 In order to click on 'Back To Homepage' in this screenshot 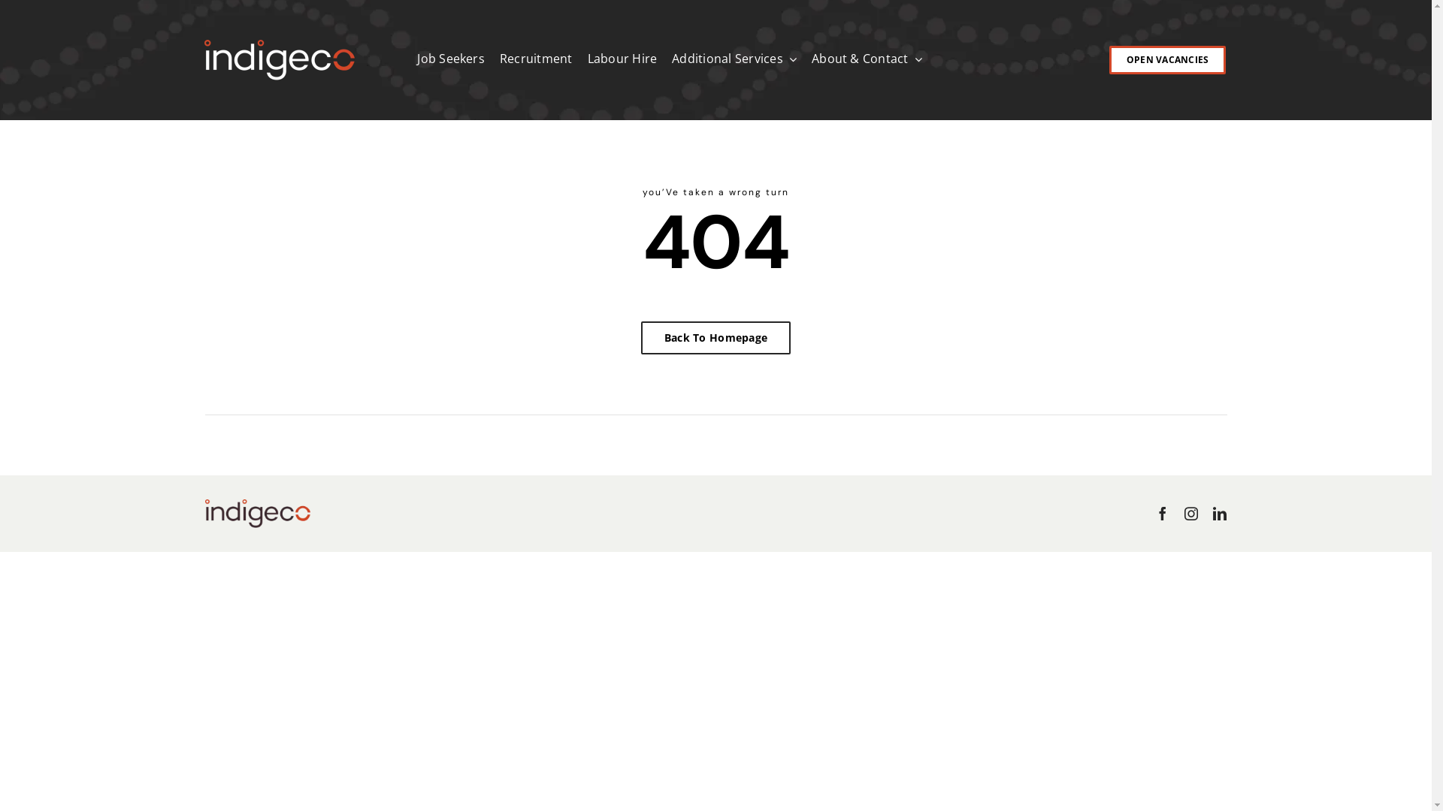, I will do `click(641, 338)`.